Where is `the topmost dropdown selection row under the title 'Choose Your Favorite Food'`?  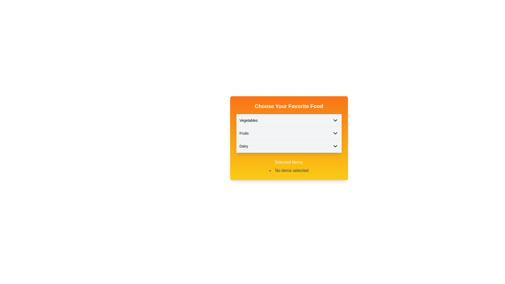 the topmost dropdown selection row under the title 'Choose Your Favorite Food' is located at coordinates (289, 120).